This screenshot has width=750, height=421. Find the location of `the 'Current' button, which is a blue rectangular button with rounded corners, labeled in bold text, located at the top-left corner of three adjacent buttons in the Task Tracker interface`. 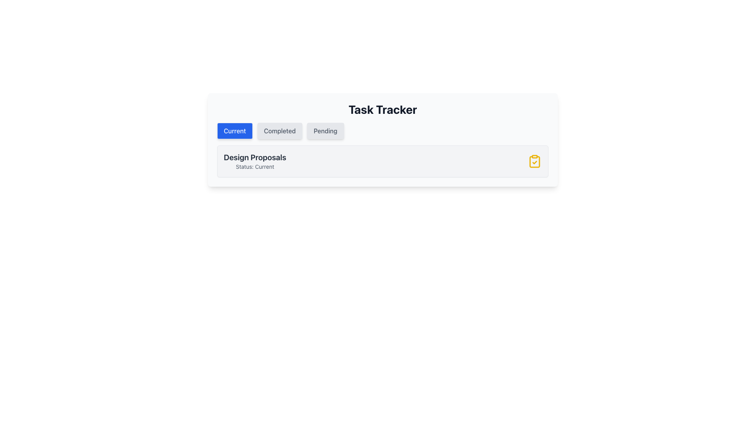

the 'Current' button, which is a blue rectangular button with rounded corners, labeled in bold text, located at the top-left corner of three adjacent buttons in the Task Tracker interface is located at coordinates (234, 130).